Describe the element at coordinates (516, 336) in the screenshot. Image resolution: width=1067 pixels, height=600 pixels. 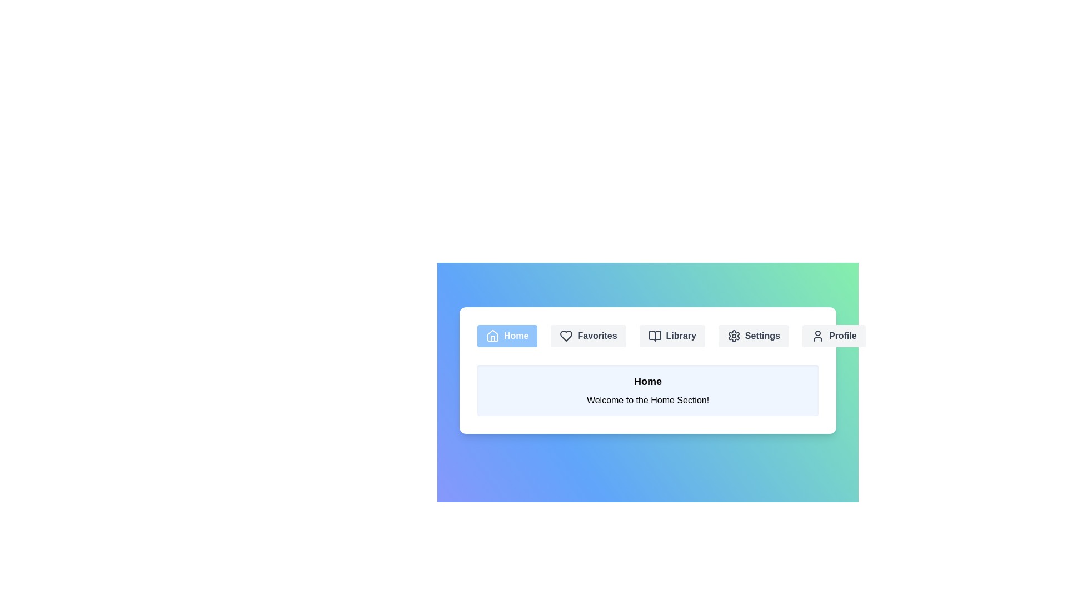
I see `the 'Home' label in the navigation menu, which is located to the right of the house icon at the top left of the interface` at that location.